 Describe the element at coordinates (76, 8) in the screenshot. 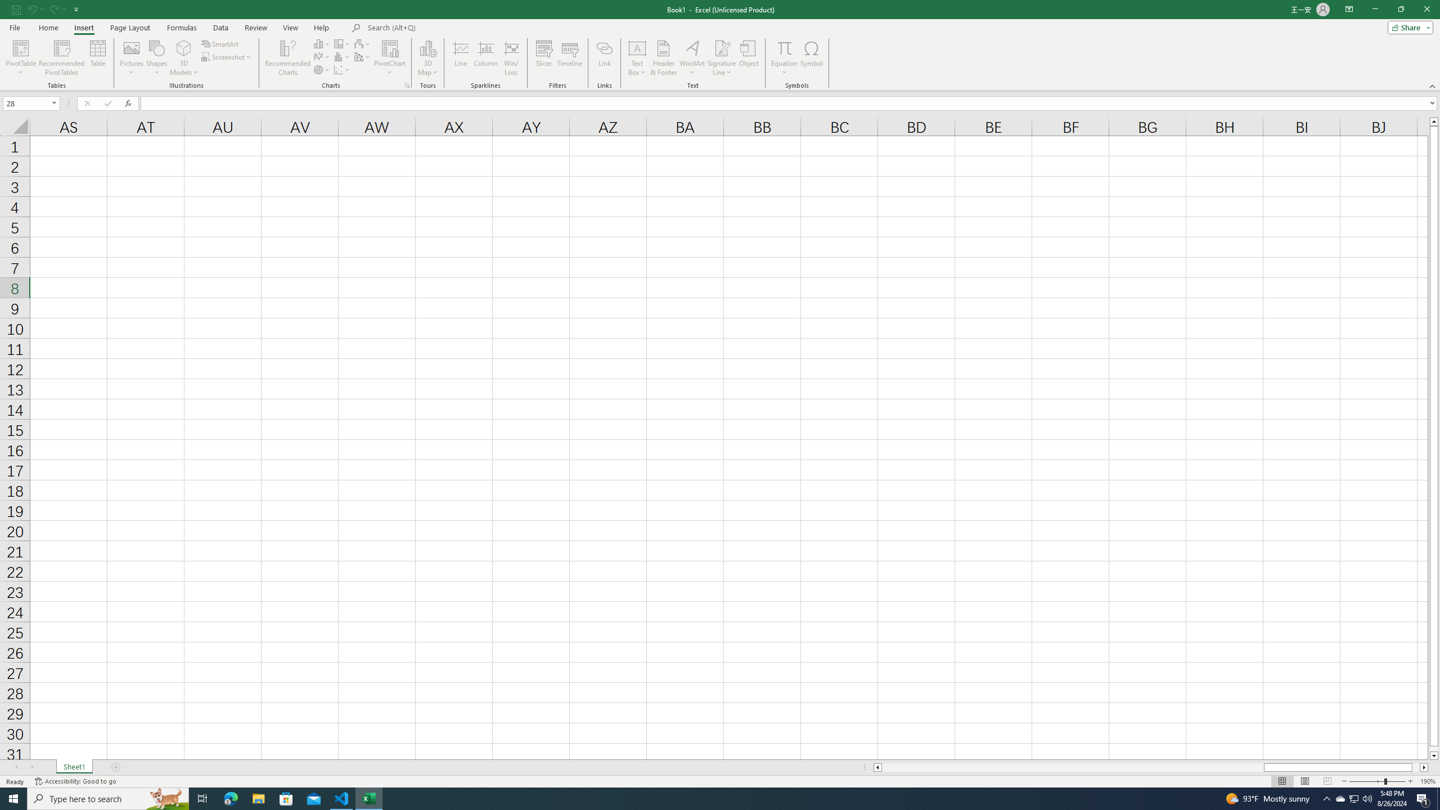

I see `'Customize Quick Access Toolbar'` at that location.